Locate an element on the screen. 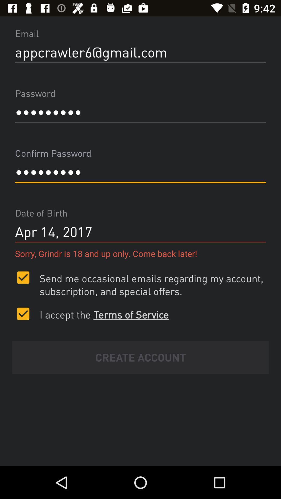 The image size is (281, 499). ok select button is located at coordinates (23, 313).